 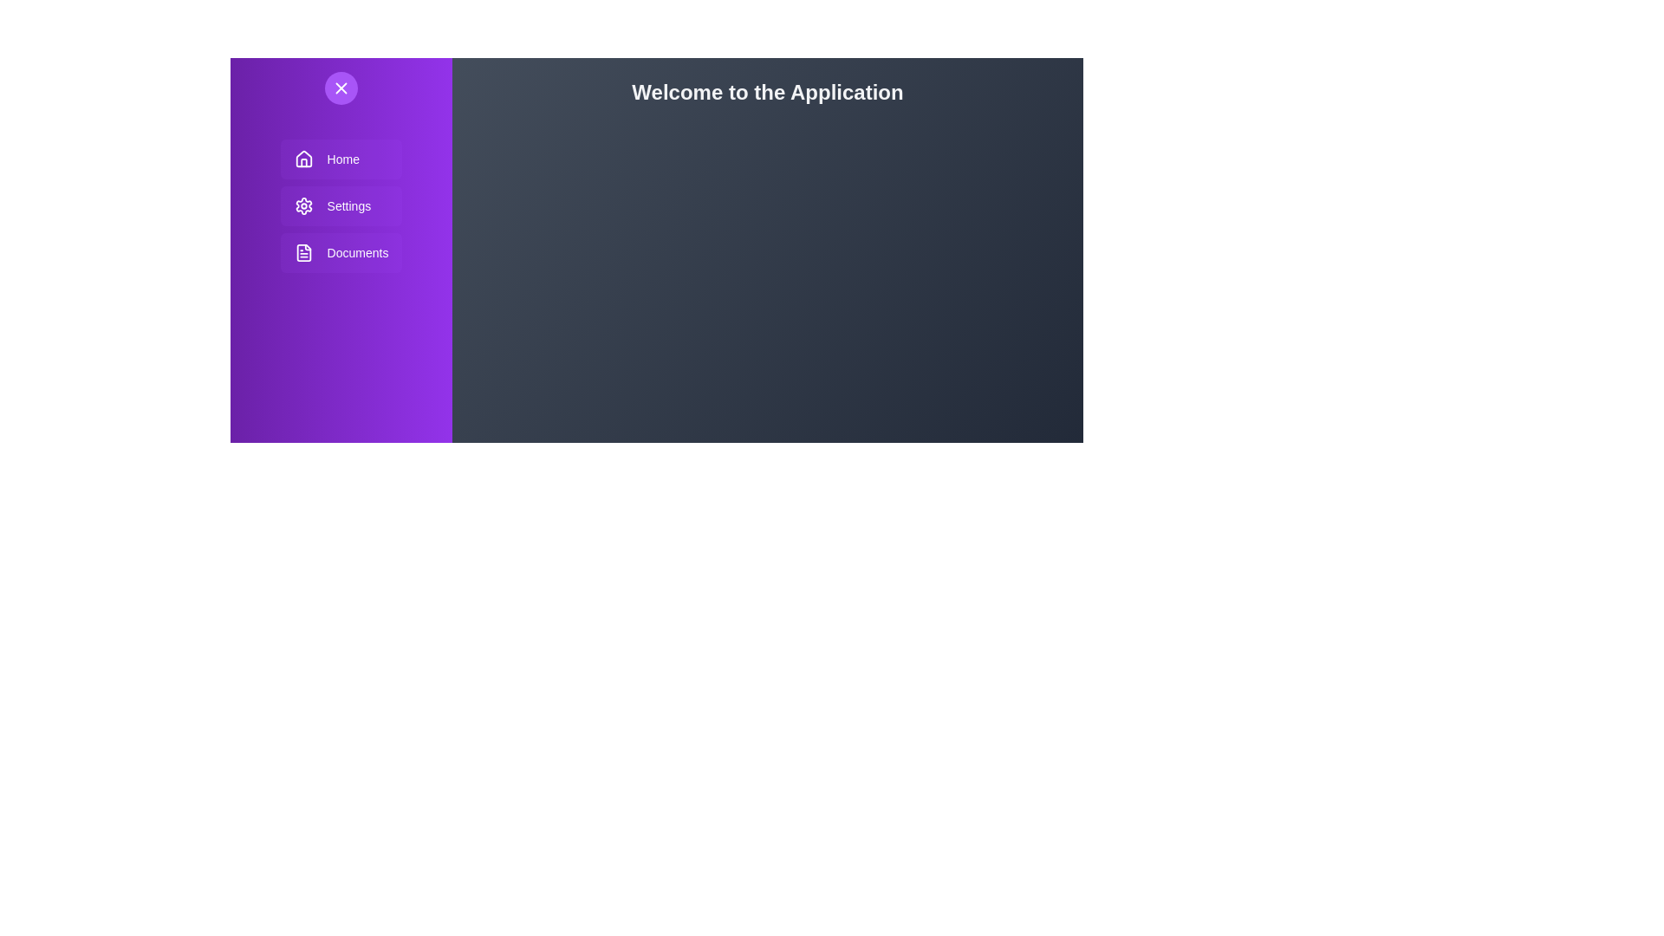 I want to click on the sidebar menu item Home, so click(x=341, y=159).